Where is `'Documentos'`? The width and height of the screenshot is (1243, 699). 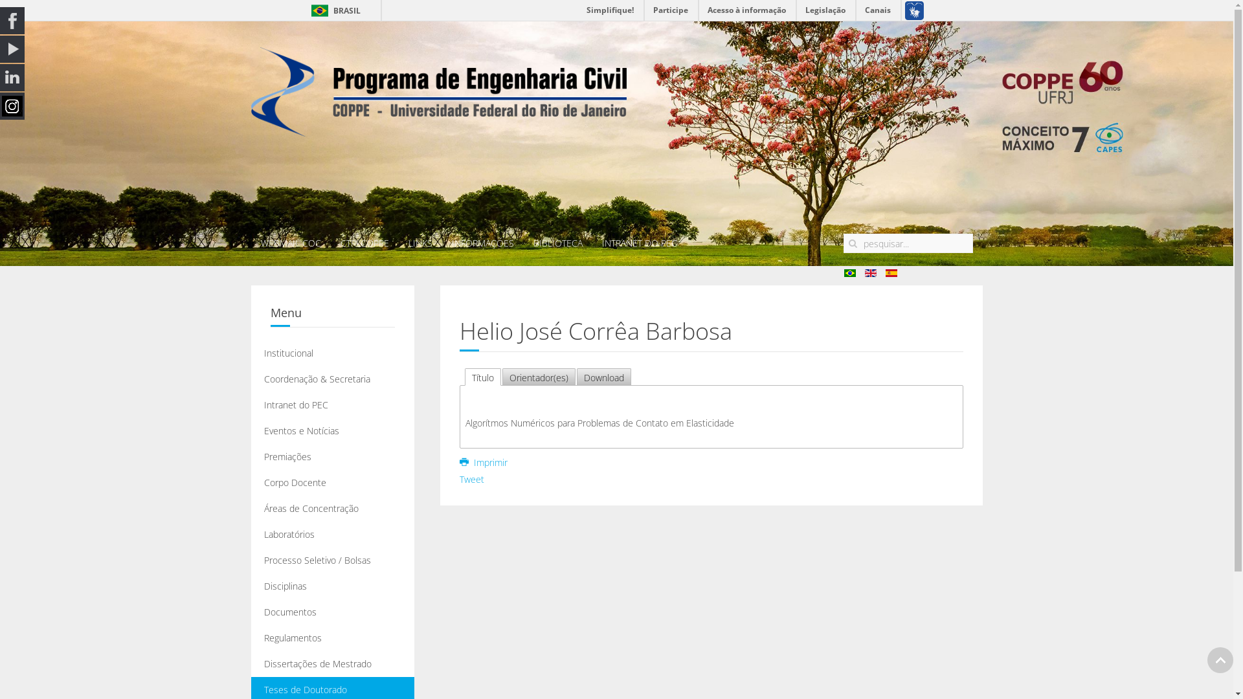
'Documentos' is located at coordinates (333, 612).